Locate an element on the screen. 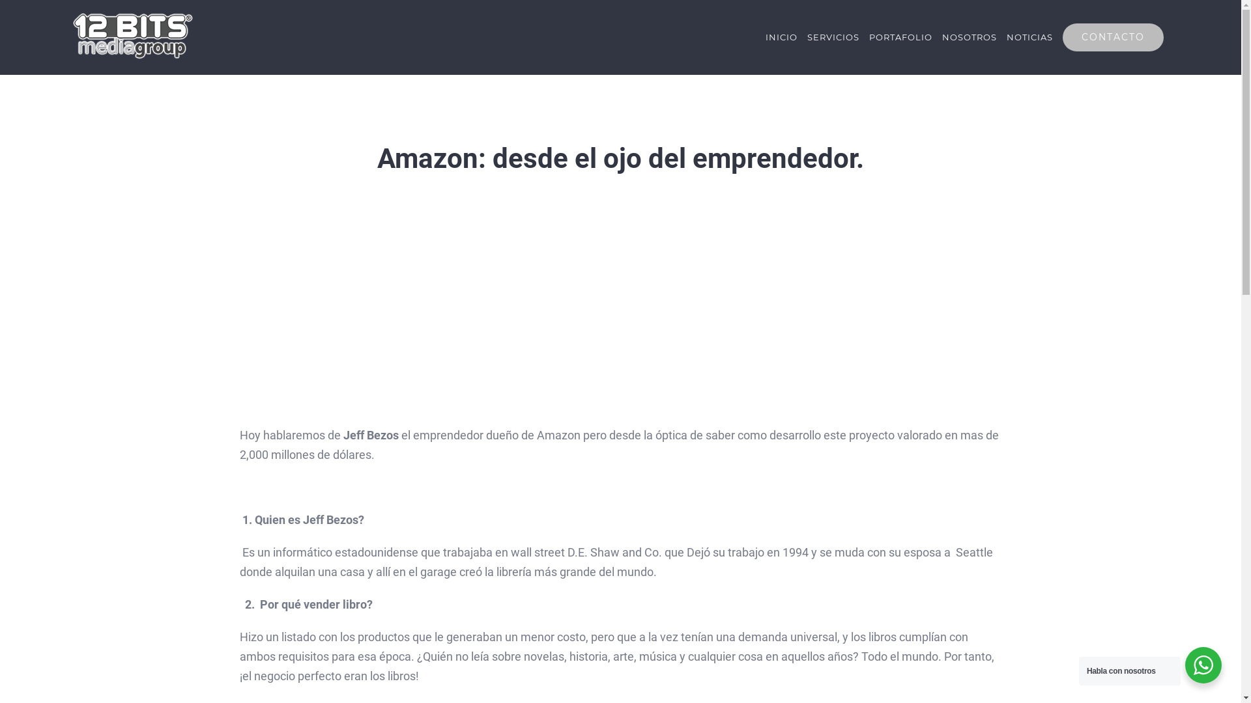 This screenshot has height=703, width=1251. 'NOTICIAS' is located at coordinates (1029, 36).